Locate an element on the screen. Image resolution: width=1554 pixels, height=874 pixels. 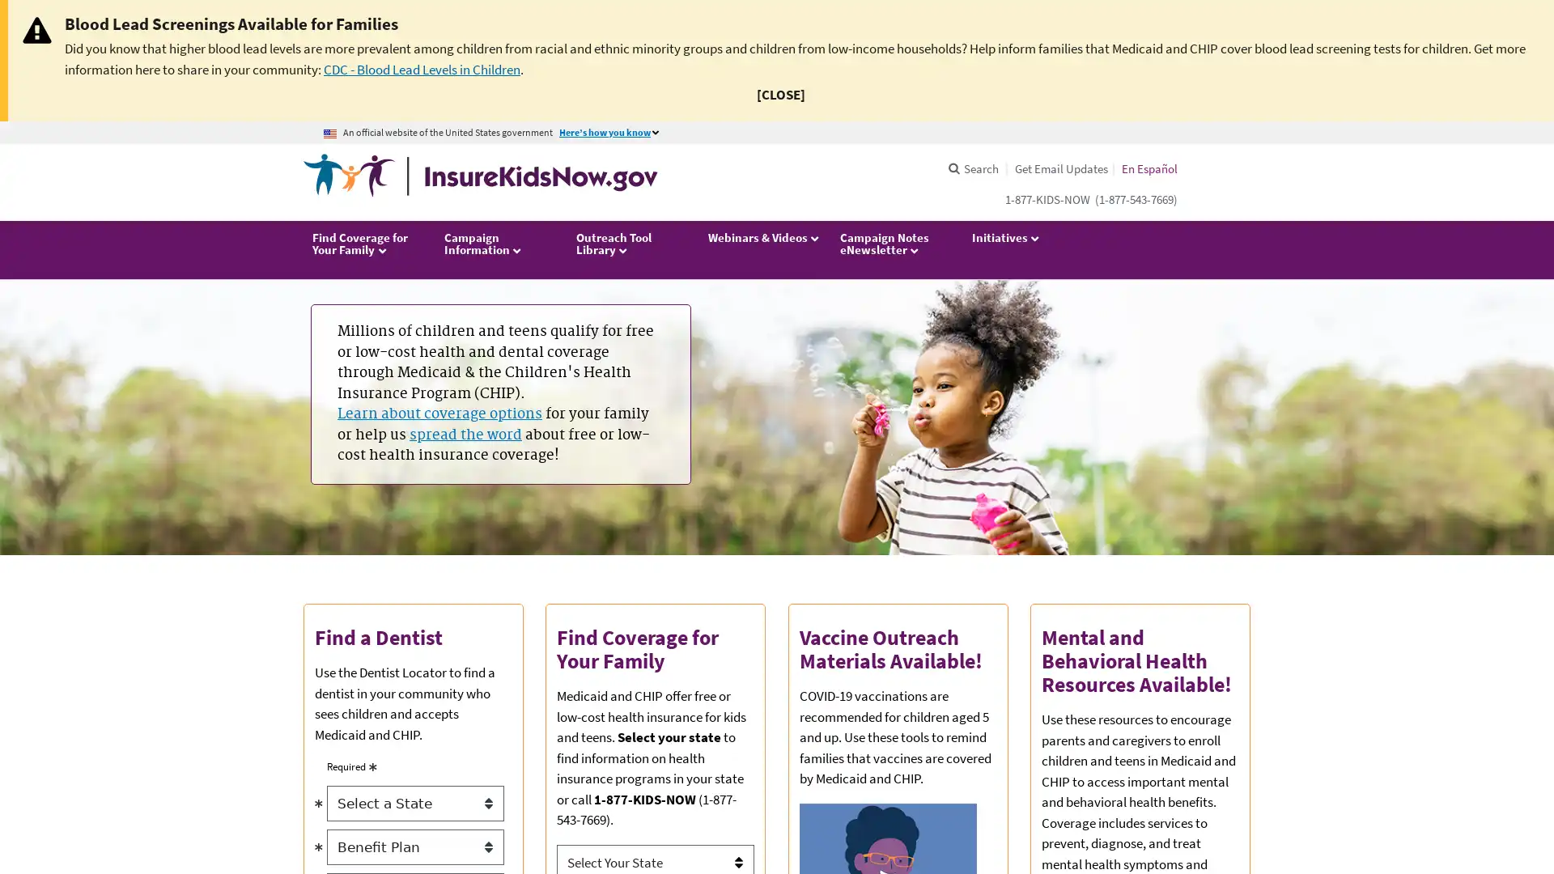
Feedback, opens dialog is located at coordinates (1529, 817).